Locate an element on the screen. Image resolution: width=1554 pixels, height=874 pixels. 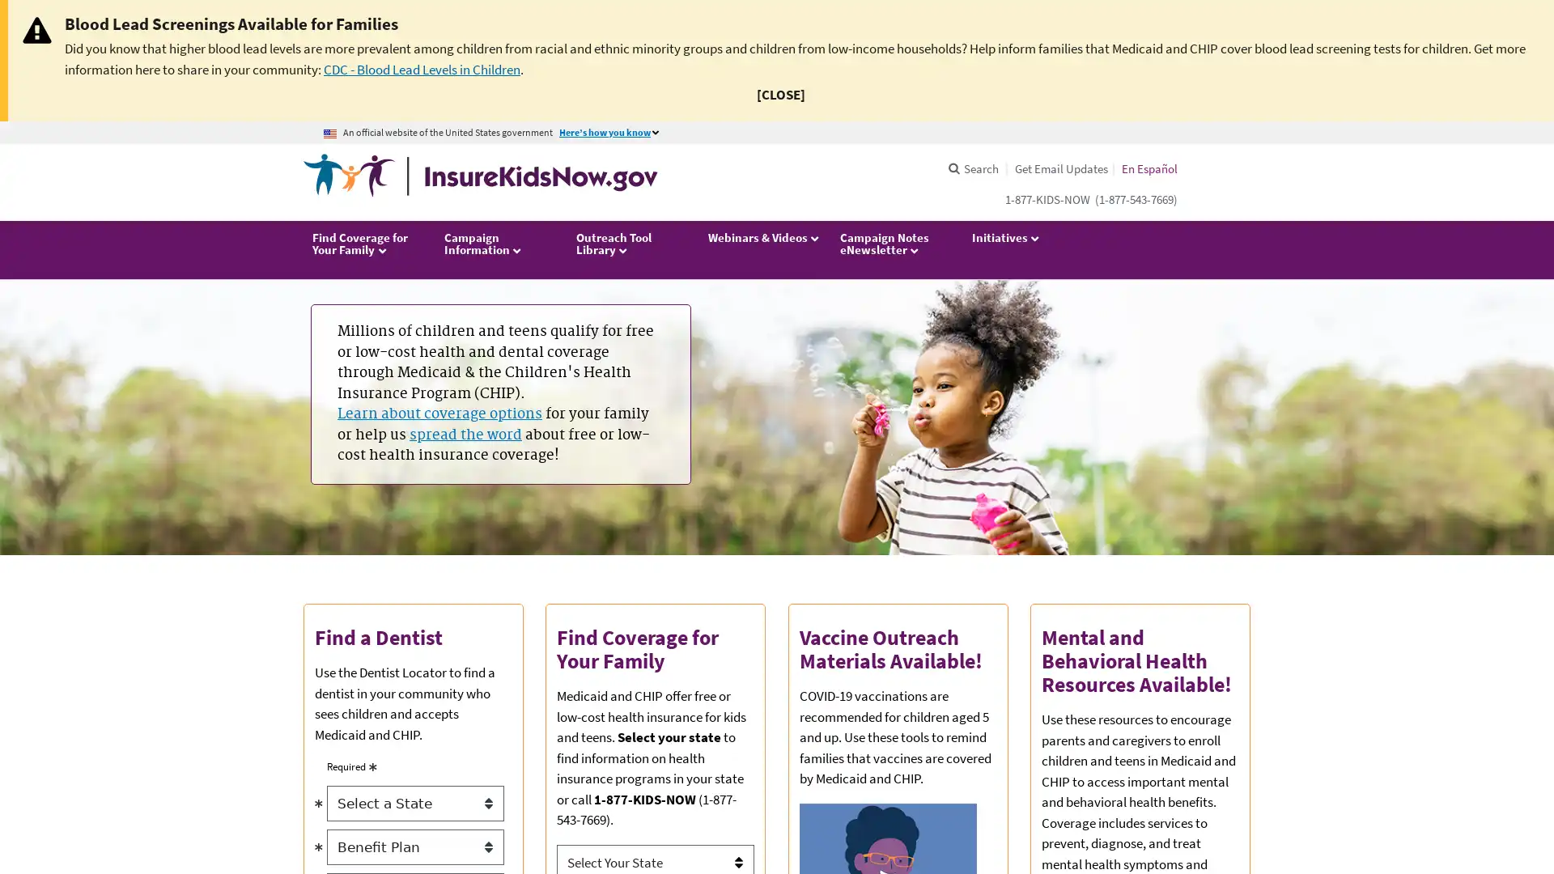
Feedback, opens dialog is located at coordinates (1529, 817).